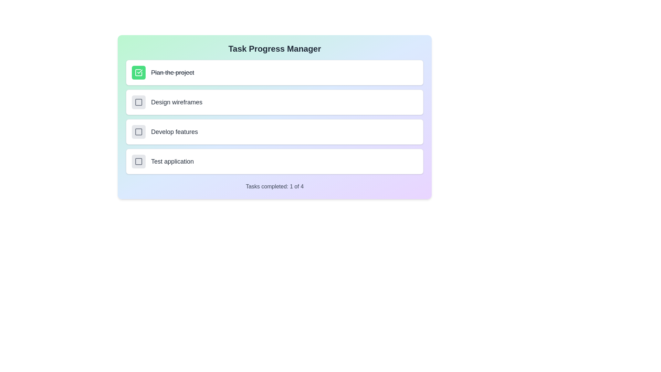 The height and width of the screenshot is (372, 661). What do you see at coordinates (139, 72) in the screenshot?
I see `the checkmark icon indicating a completed status` at bounding box center [139, 72].